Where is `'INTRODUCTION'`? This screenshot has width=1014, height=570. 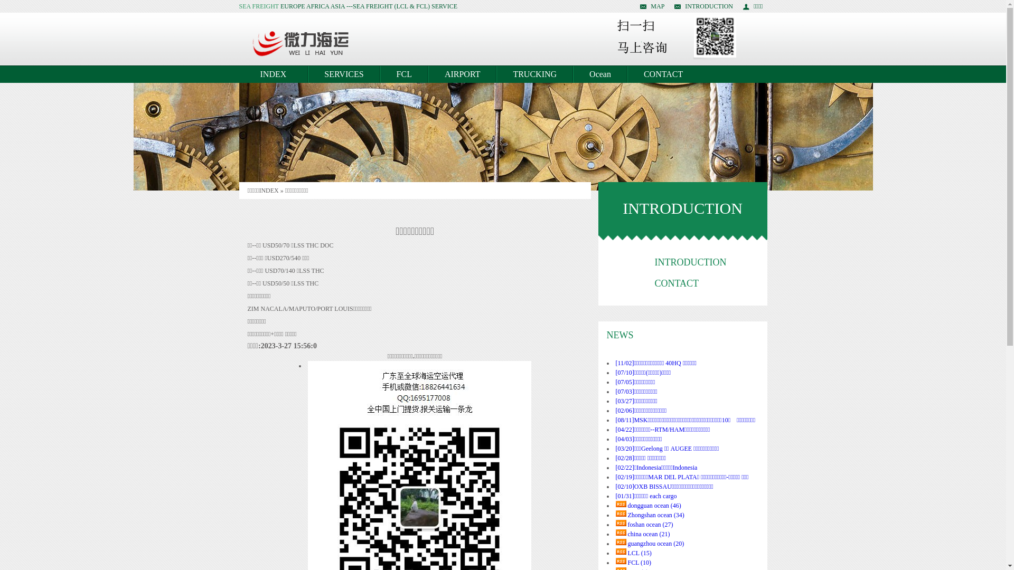
'INTRODUCTION' is located at coordinates (691, 262).